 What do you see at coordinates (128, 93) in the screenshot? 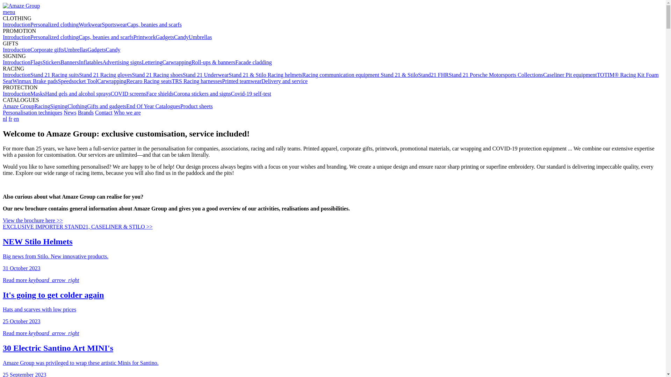
I see `'COVID screens'` at bounding box center [128, 93].